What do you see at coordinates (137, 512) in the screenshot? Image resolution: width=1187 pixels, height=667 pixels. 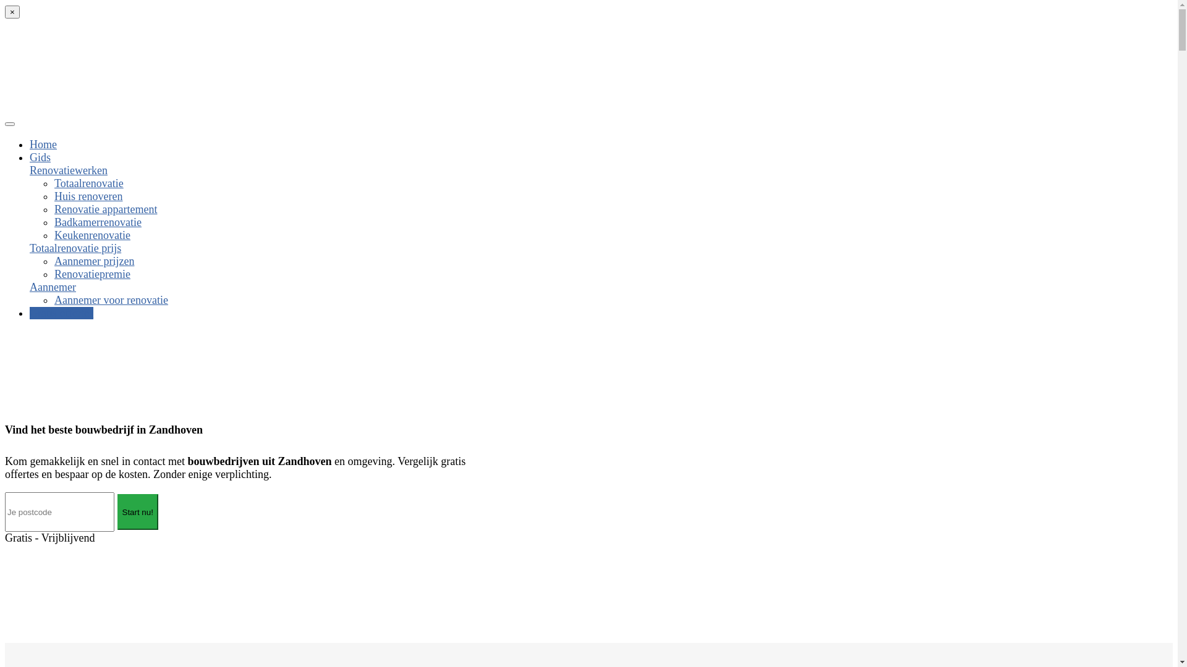 I see `'Start nu!'` at bounding box center [137, 512].